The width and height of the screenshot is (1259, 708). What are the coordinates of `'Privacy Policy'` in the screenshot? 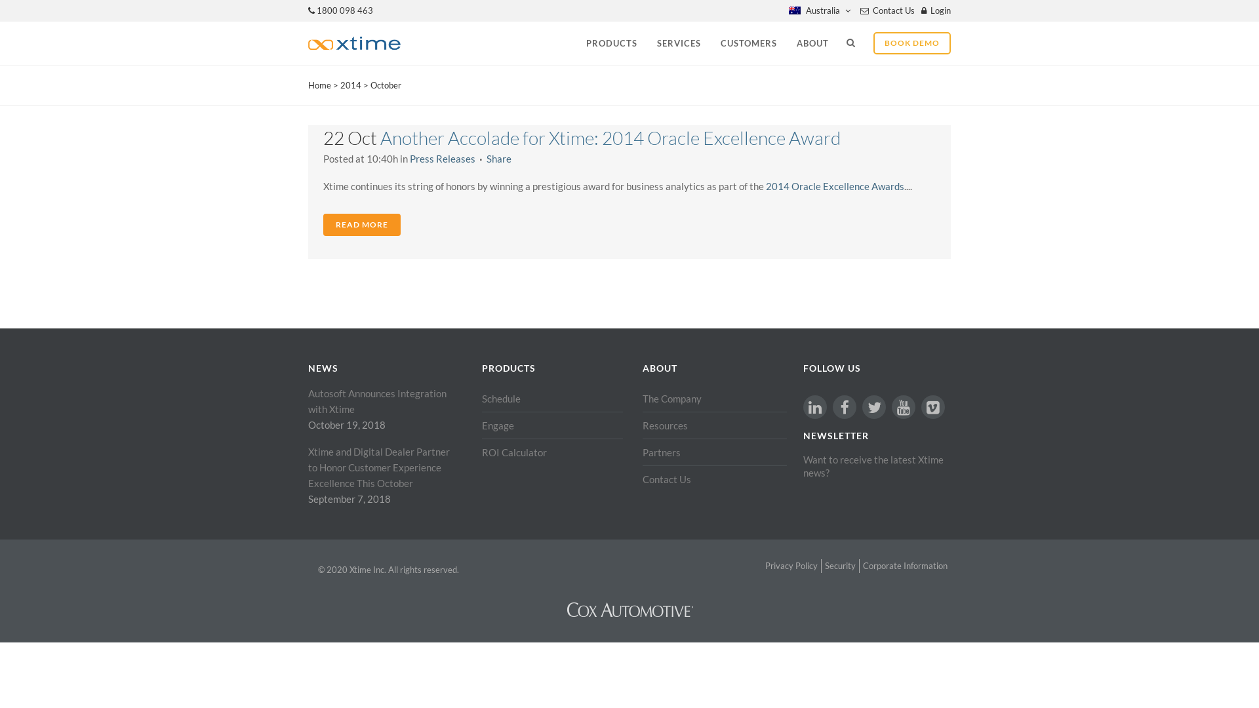 It's located at (790, 565).